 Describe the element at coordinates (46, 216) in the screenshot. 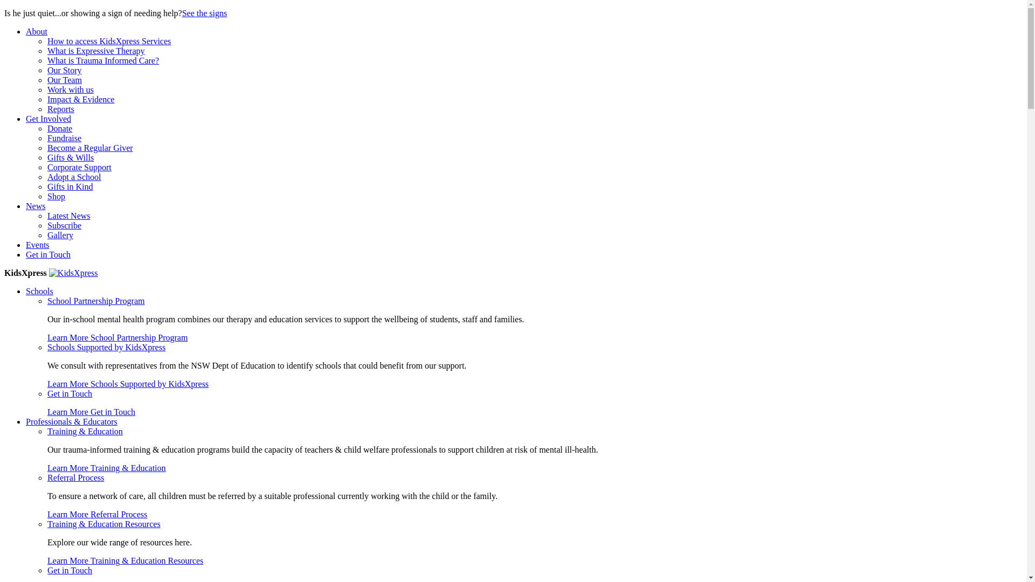

I see `'Latest News'` at that location.